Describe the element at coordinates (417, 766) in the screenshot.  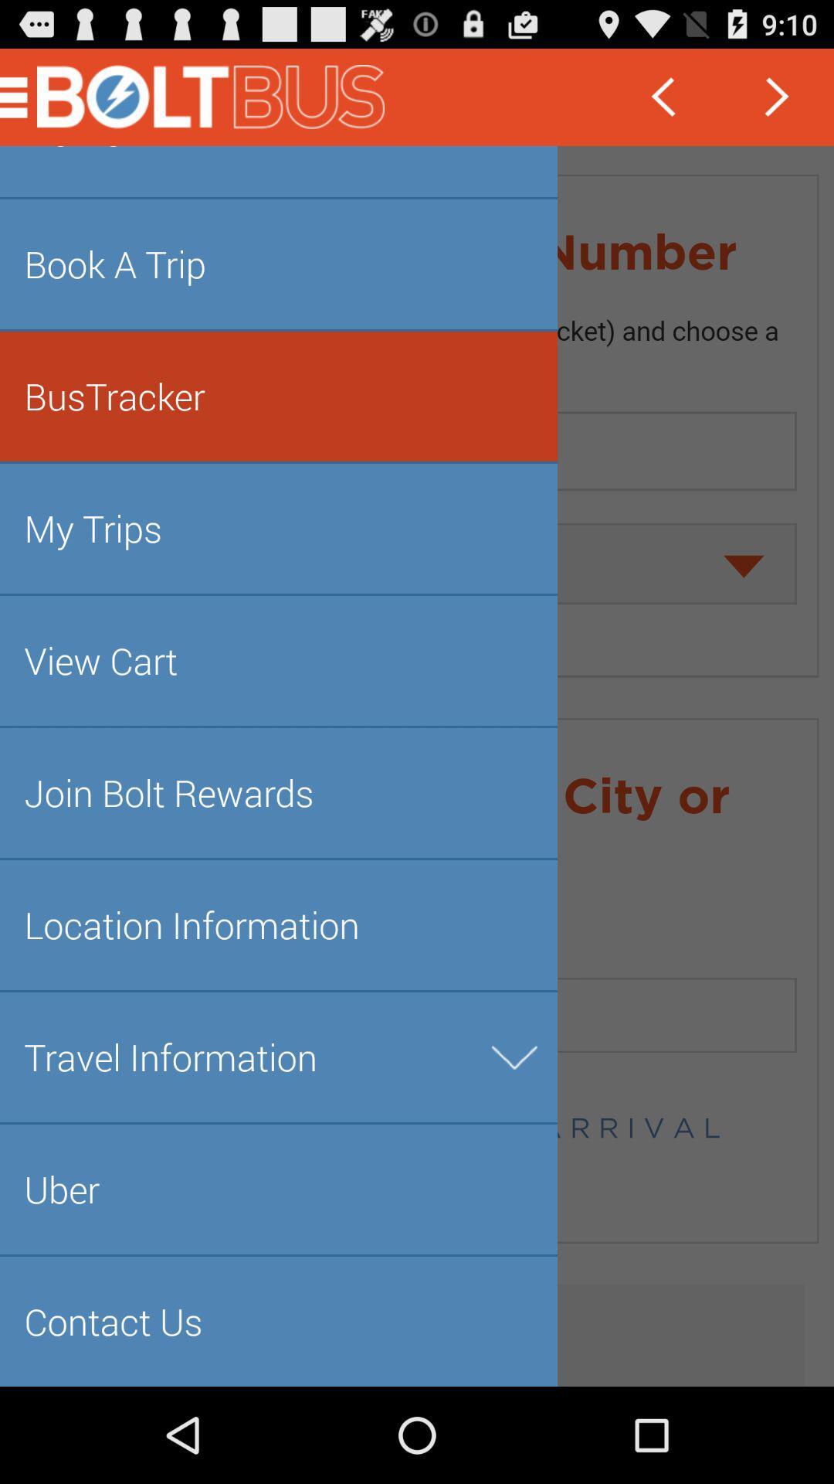
I see `various information` at that location.